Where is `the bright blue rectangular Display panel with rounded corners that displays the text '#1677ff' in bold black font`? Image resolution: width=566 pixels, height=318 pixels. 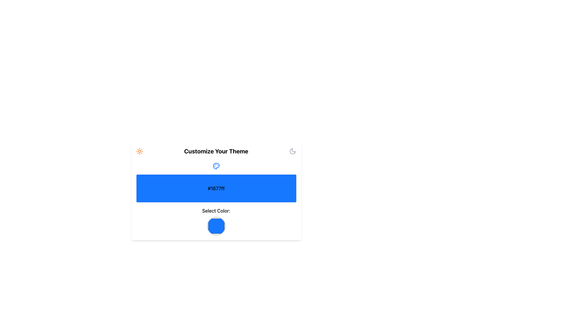 the bright blue rectangular Display panel with rounded corners that displays the text '#1677ff' in bold black font is located at coordinates (216, 188).